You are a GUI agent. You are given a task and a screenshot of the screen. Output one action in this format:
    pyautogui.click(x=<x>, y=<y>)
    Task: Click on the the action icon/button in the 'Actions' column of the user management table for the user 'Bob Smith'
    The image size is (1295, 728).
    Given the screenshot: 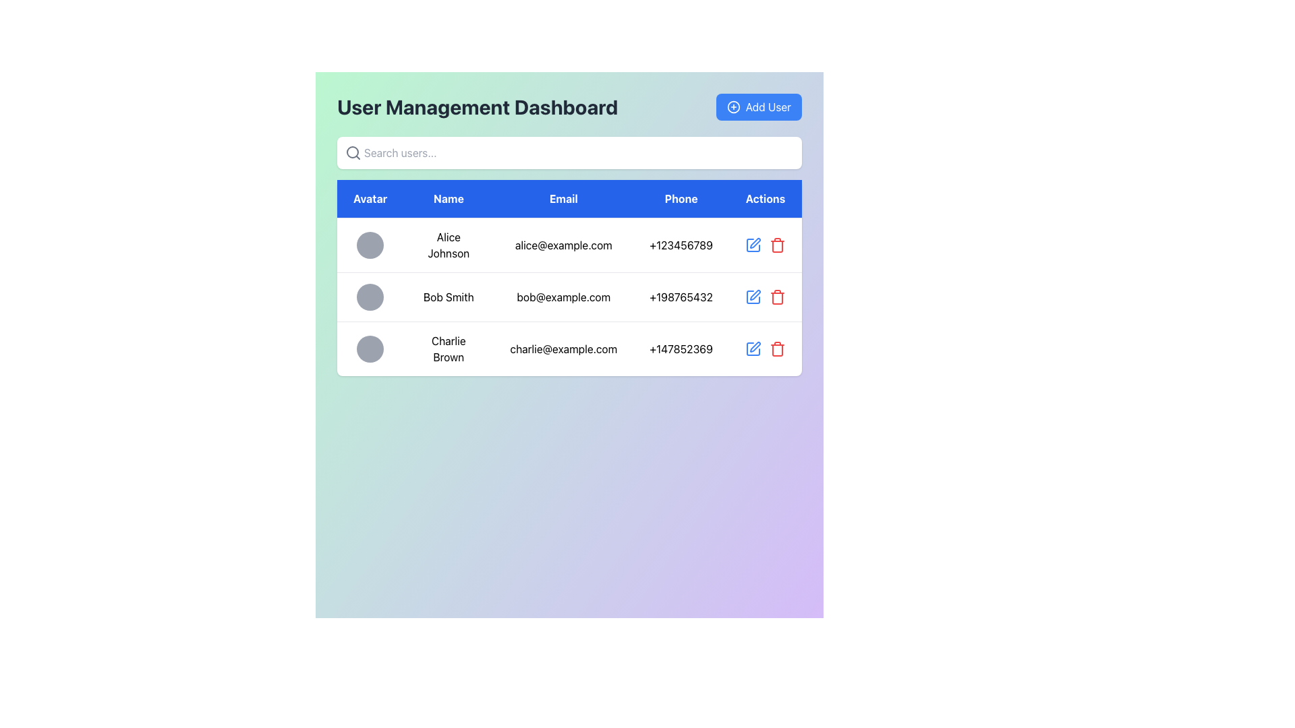 What is the action you would take?
    pyautogui.click(x=765, y=296)
    